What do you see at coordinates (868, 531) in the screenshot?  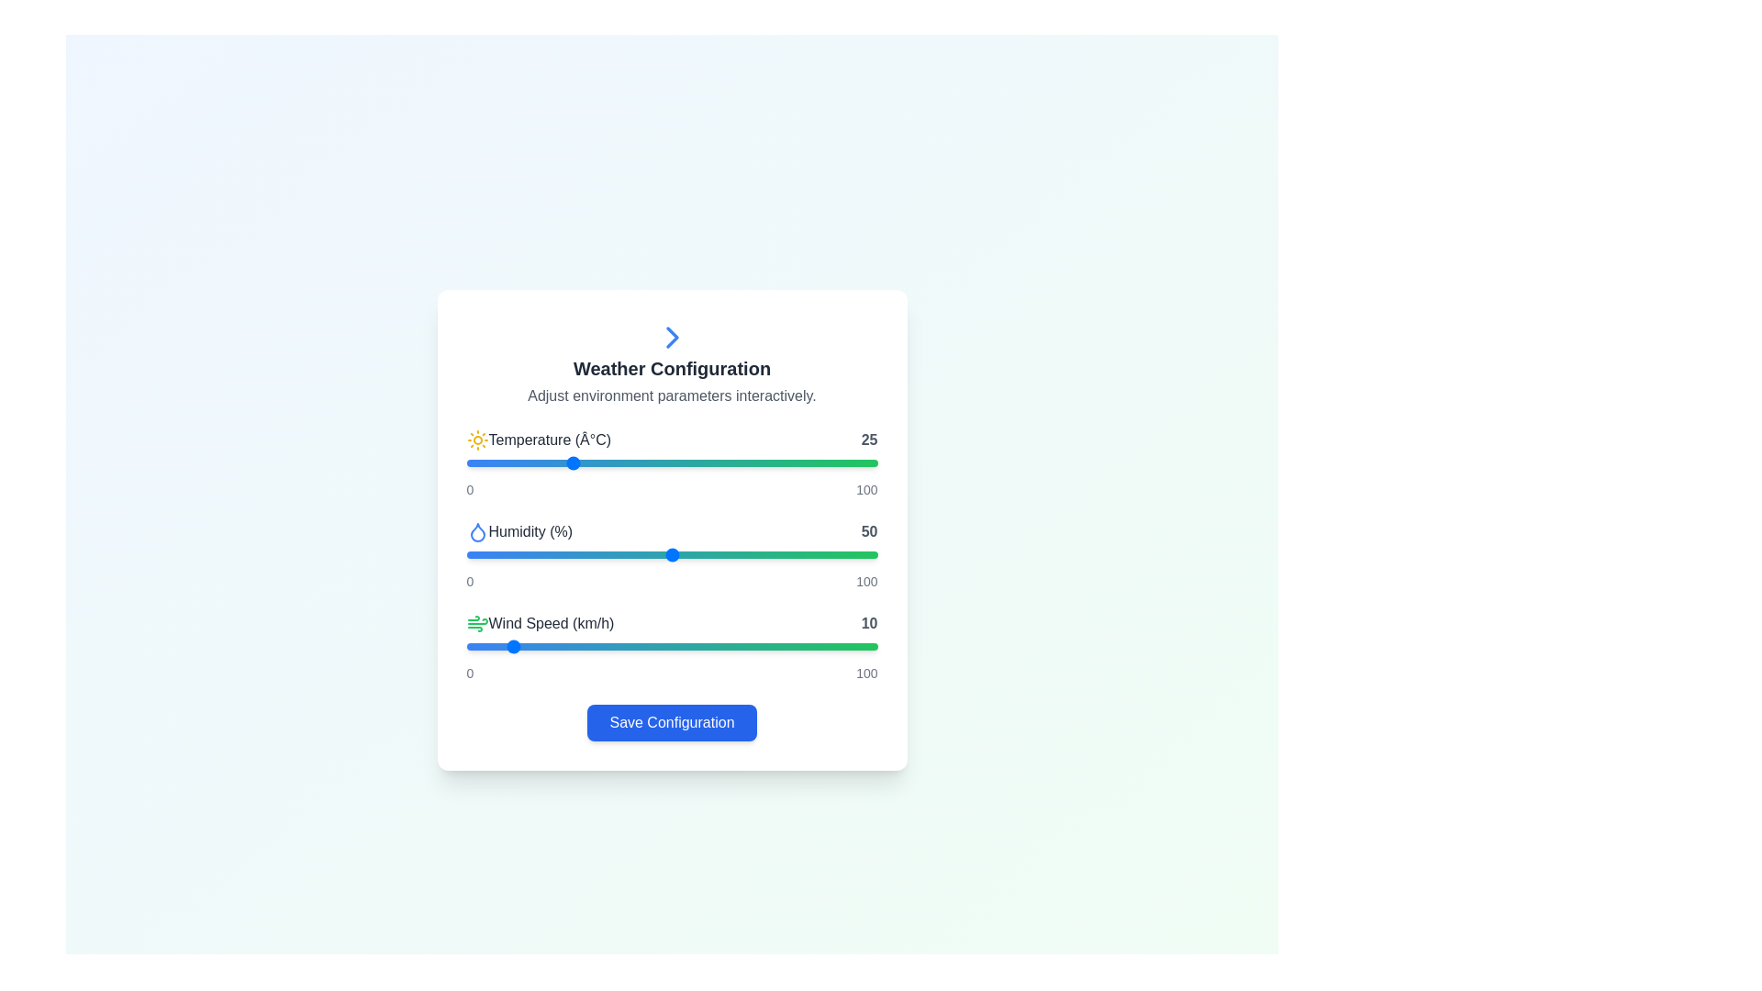 I see `the Text label displaying the current humidity percentage, which shows the value '50' and is located in the 'Humidity (%)' section of the weather configuration interface` at bounding box center [868, 531].